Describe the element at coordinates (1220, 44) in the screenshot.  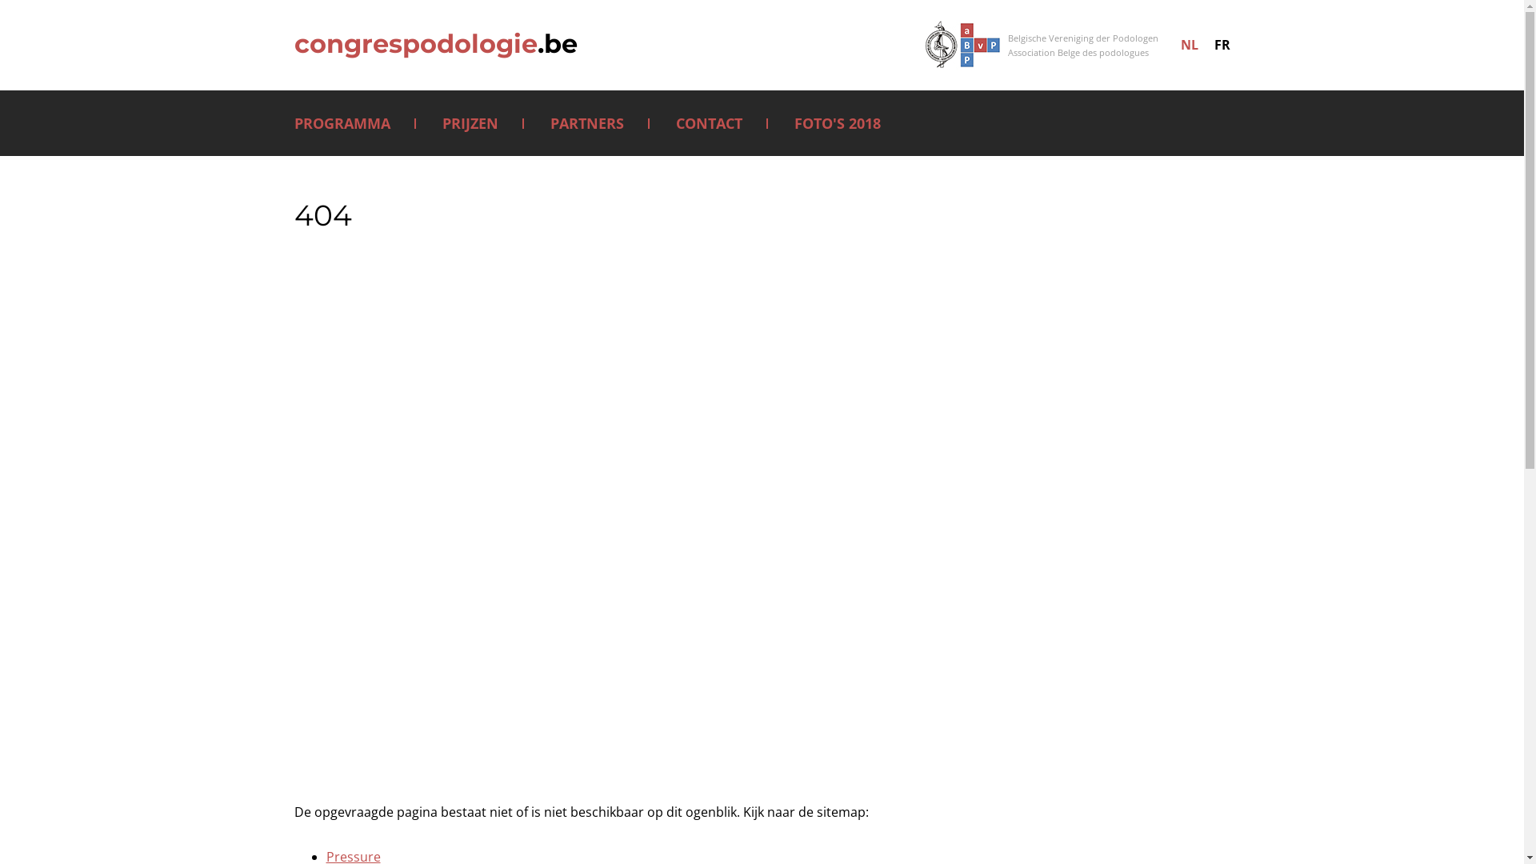
I see `'FR'` at that location.